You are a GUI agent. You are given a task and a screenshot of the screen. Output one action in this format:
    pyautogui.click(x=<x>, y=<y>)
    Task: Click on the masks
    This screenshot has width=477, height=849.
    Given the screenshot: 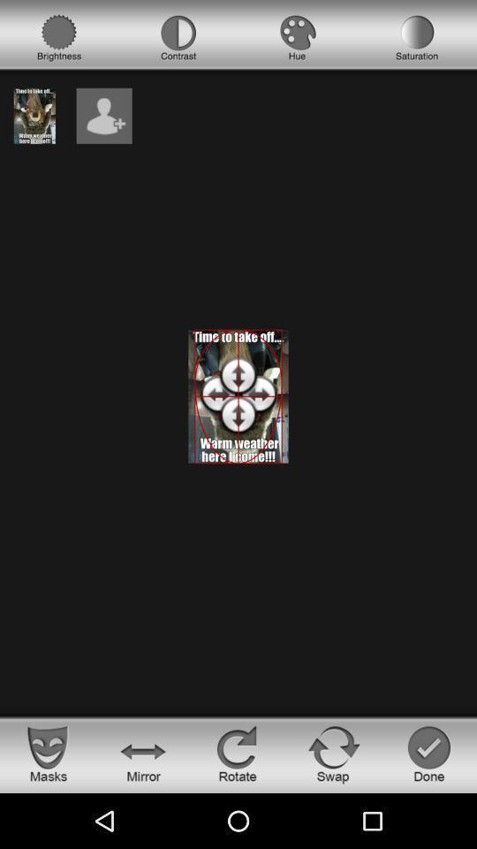 What is the action you would take?
    pyautogui.click(x=48, y=753)
    